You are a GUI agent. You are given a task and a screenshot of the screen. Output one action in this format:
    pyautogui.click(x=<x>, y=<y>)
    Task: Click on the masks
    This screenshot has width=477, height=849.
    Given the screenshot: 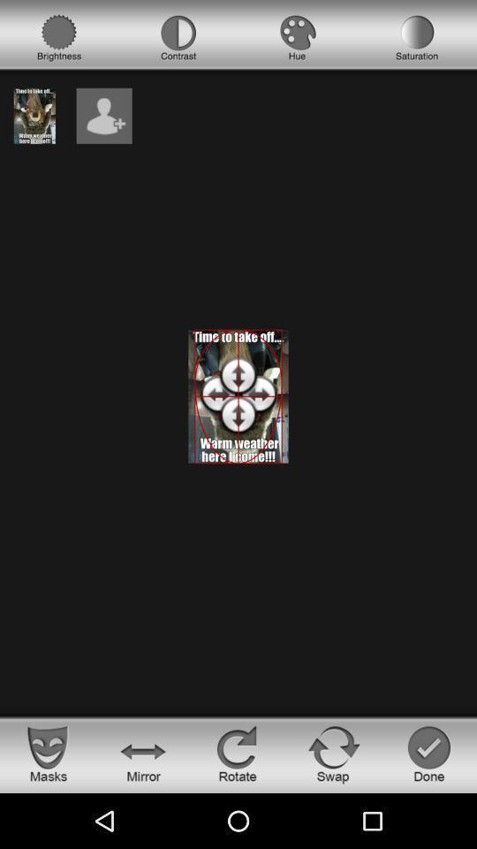 What is the action you would take?
    pyautogui.click(x=48, y=753)
    